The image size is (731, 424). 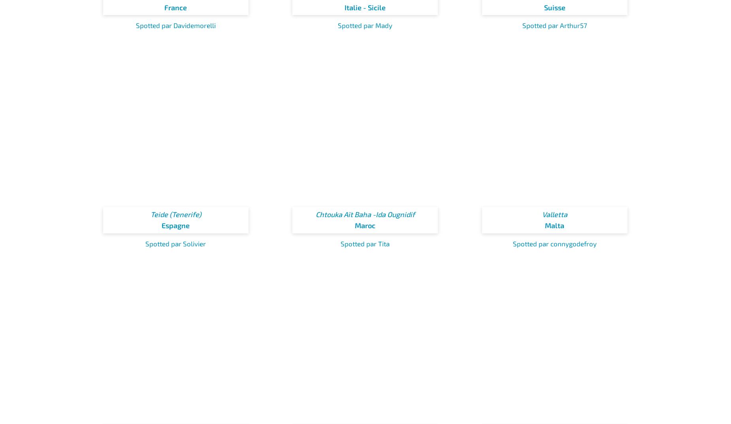 What do you see at coordinates (541, 214) in the screenshot?
I see `'Valletta'` at bounding box center [541, 214].